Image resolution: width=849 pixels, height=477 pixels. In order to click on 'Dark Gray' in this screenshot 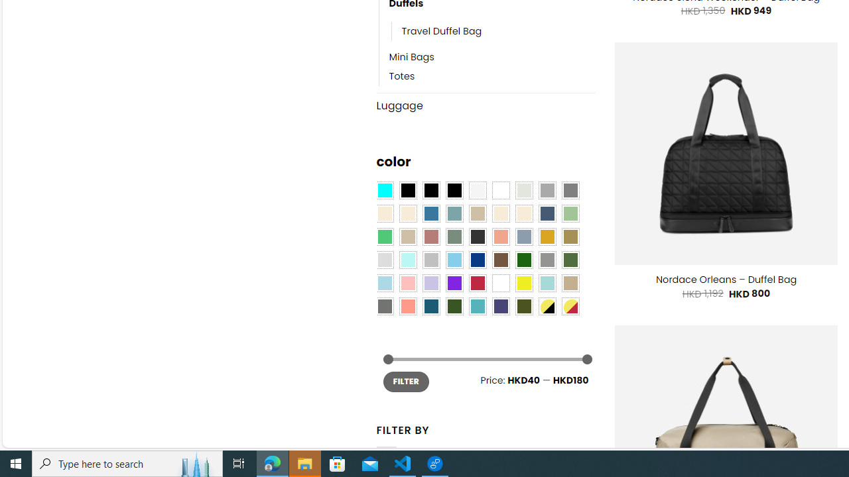, I will do `click(547, 191)`.